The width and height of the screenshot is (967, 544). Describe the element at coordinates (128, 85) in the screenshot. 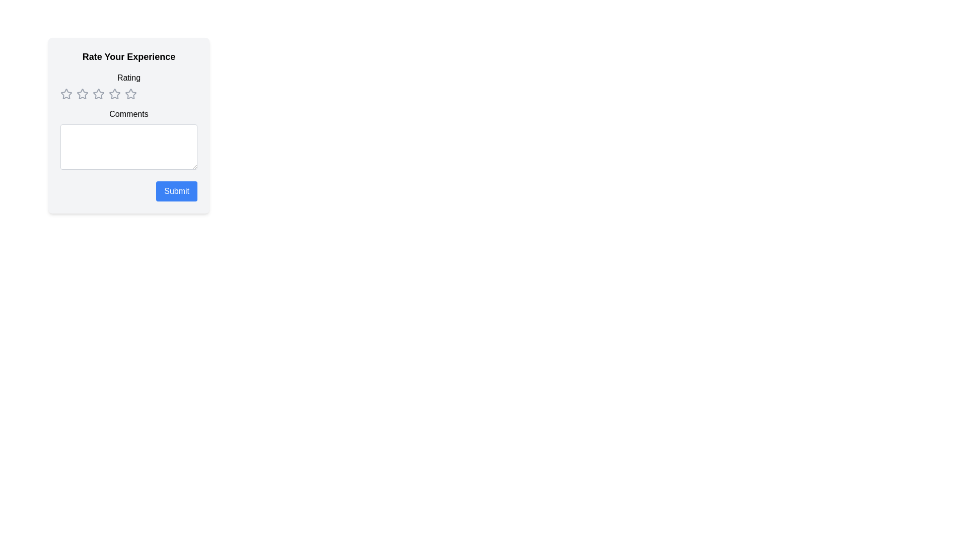

I see `one of the stars in the rating component located below the main heading of the form, which is the first section before the 'Comments' section` at that location.